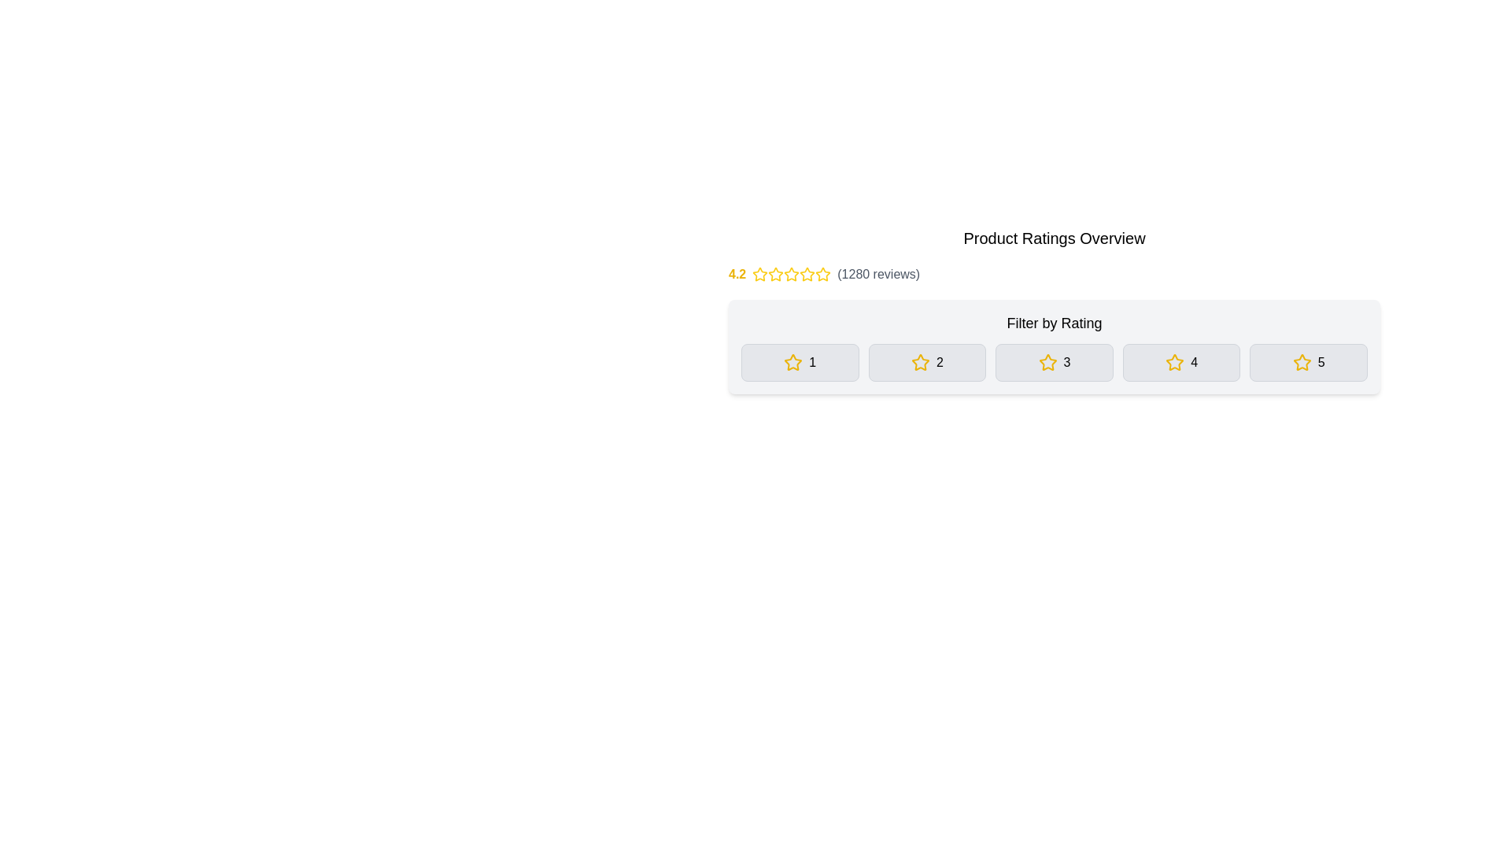 The image size is (1511, 850). What do you see at coordinates (792, 273) in the screenshot?
I see `the third star icon in the rating display, which visually represents part of a 4.2-star rating` at bounding box center [792, 273].